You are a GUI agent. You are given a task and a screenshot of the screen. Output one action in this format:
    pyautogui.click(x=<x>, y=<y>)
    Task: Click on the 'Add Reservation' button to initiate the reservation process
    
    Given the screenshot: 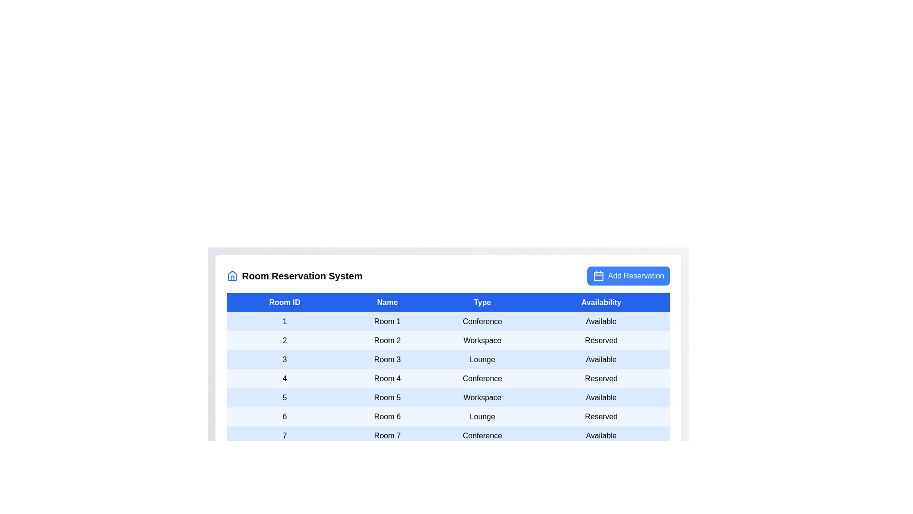 What is the action you would take?
    pyautogui.click(x=628, y=276)
    